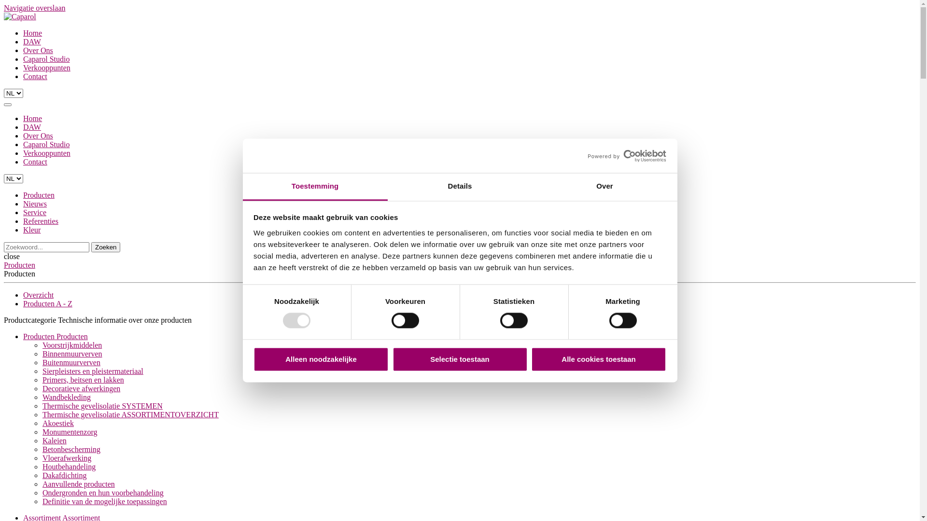 This screenshot has height=521, width=927. Describe the element at coordinates (35, 203) in the screenshot. I see `'Nieuws'` at that location.